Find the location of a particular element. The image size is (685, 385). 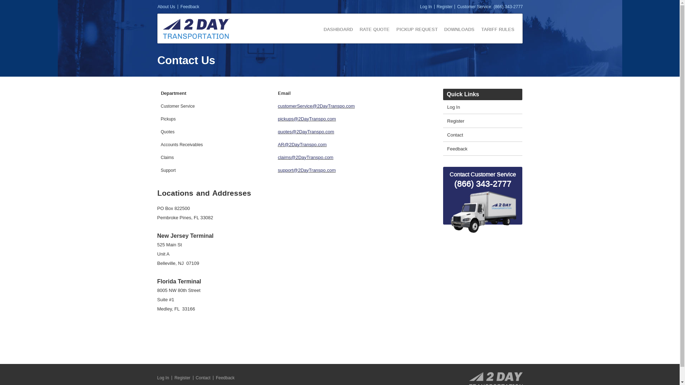

'claims@2DayTranspo.com' is located at coordinates (277, 157).